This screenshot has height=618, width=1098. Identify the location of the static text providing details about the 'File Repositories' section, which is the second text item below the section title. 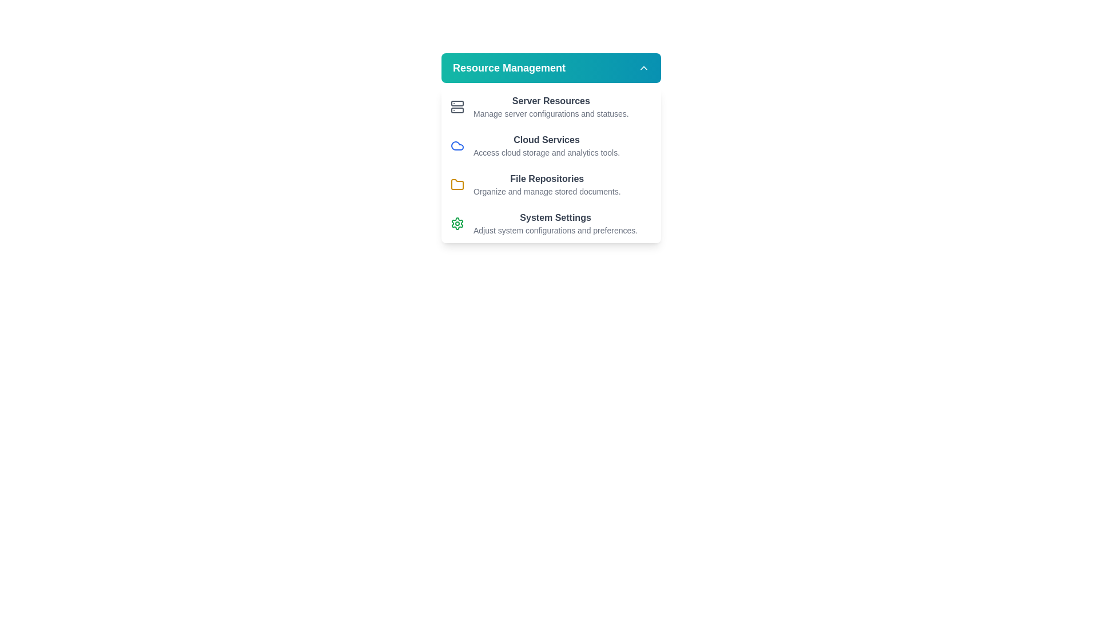
(546, 191).